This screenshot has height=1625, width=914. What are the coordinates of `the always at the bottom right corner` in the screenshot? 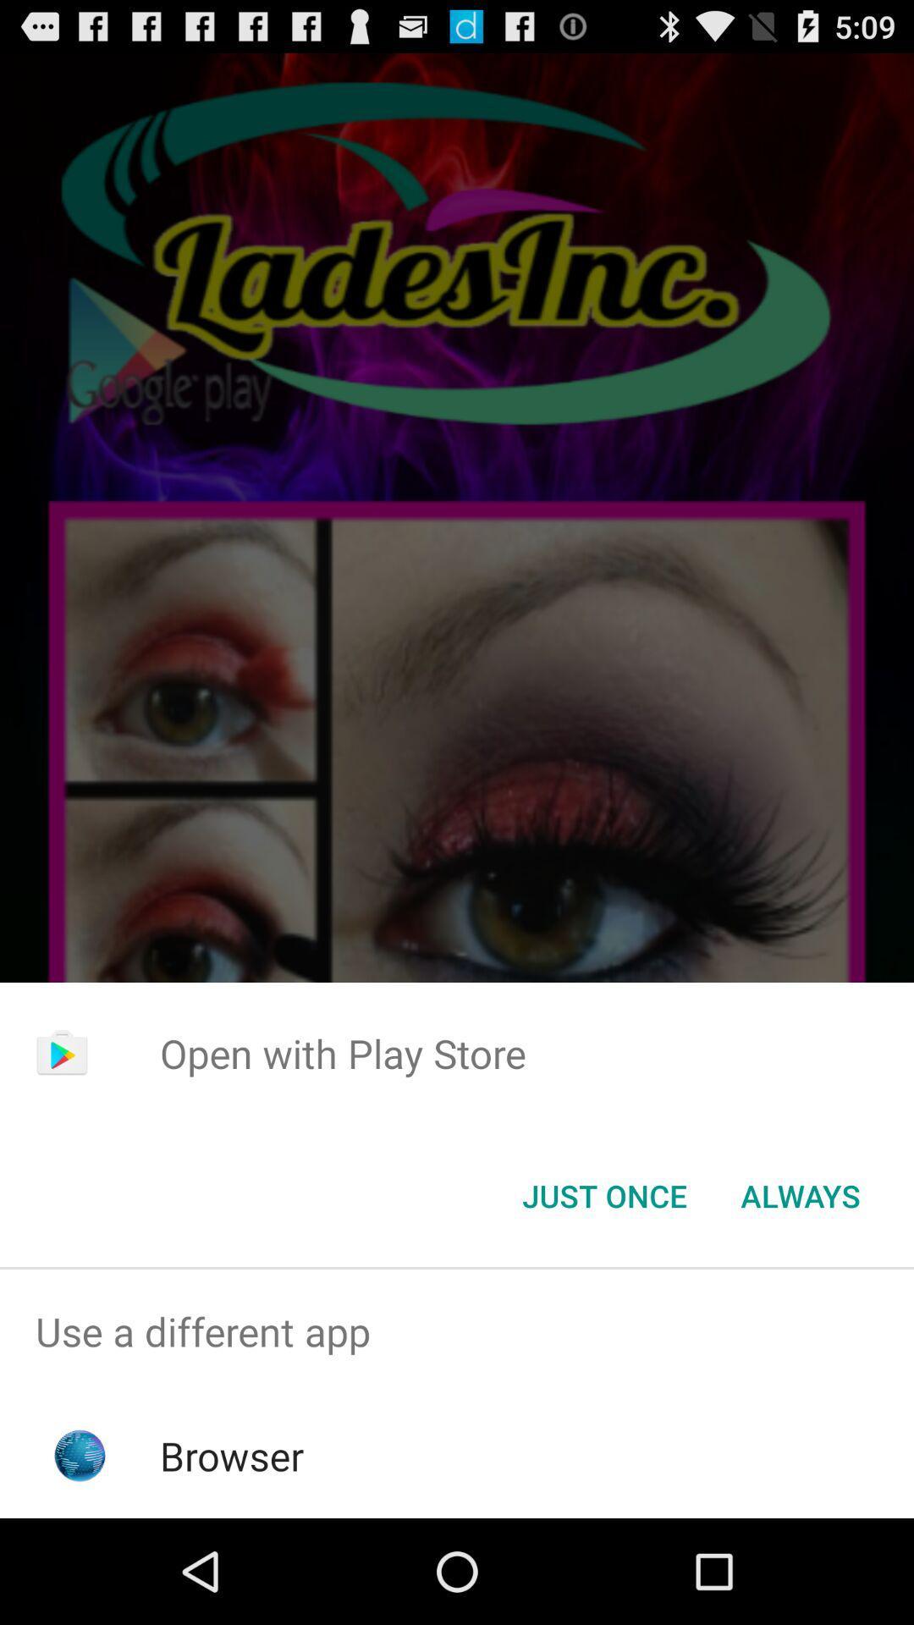 It's located at (800, 1194).